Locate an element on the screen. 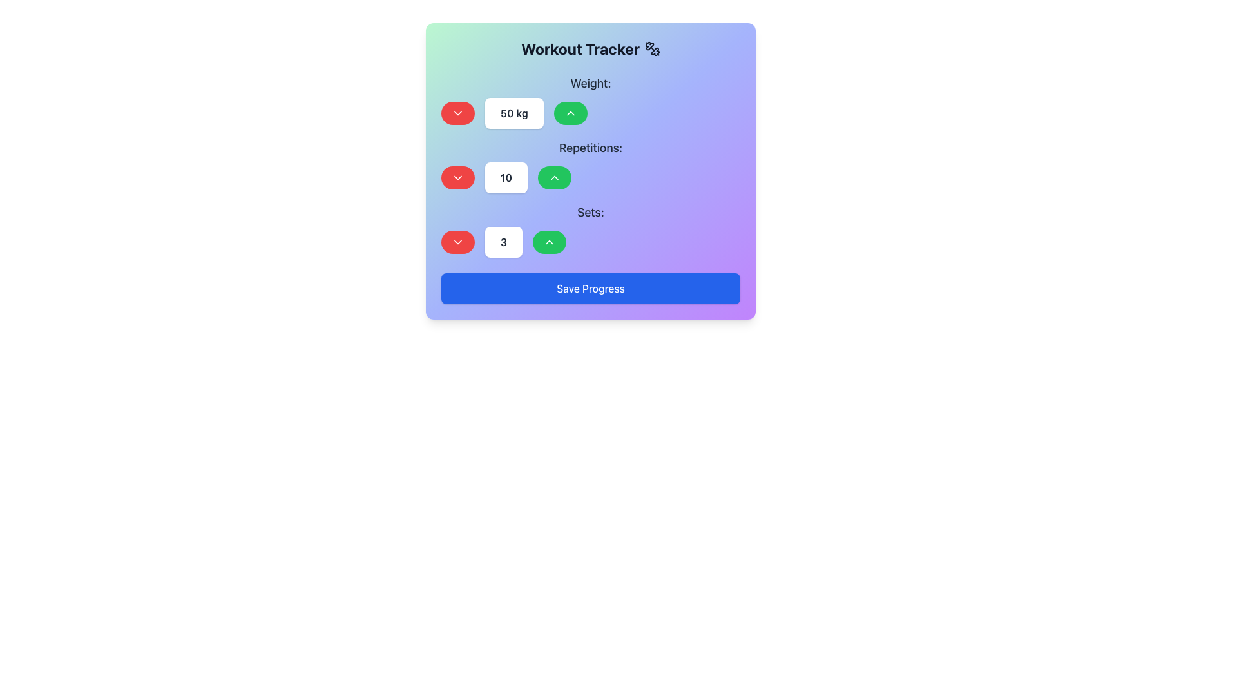  the upward-facing chevron icon button with a green background located to the right of the 'Weight' label in the 'Workout Tracker' interface is located at coordinates (554, 178).